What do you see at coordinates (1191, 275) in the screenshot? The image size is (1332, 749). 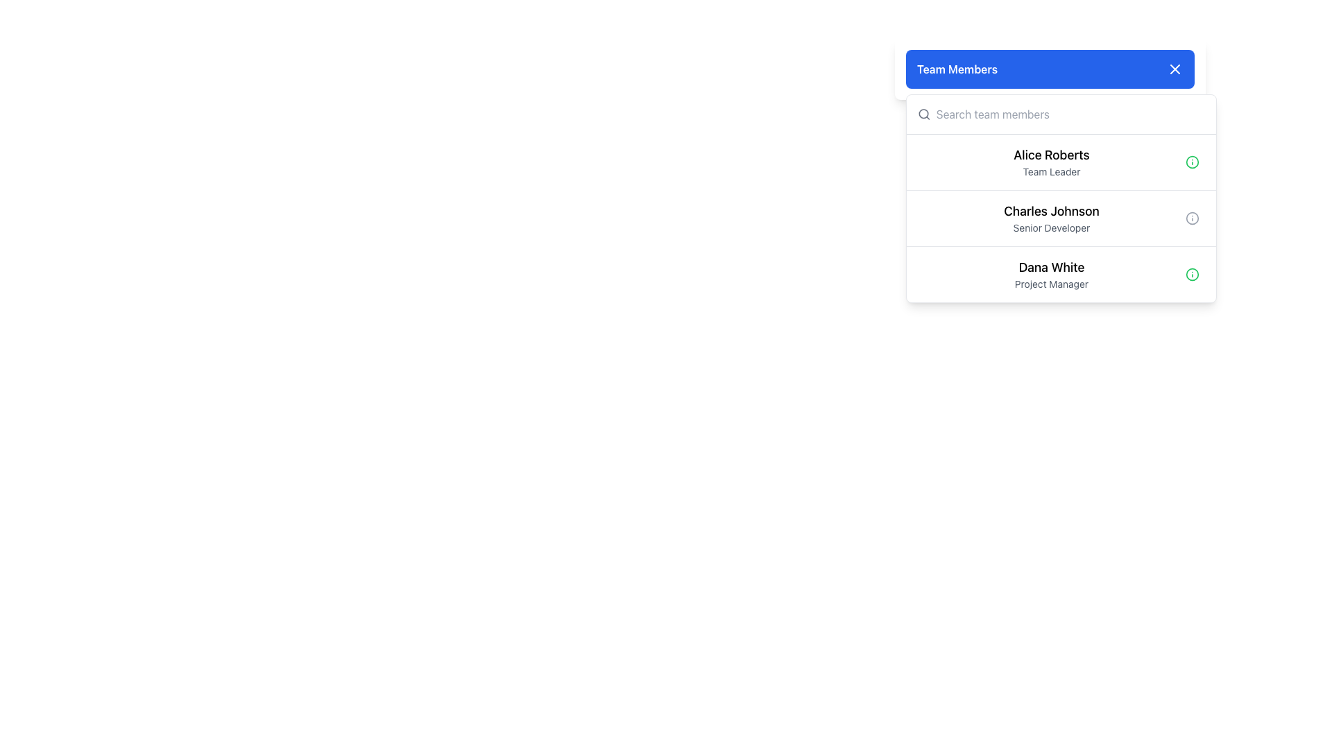 I see `the green circular outline located next` at bounding box center [1191, 275].